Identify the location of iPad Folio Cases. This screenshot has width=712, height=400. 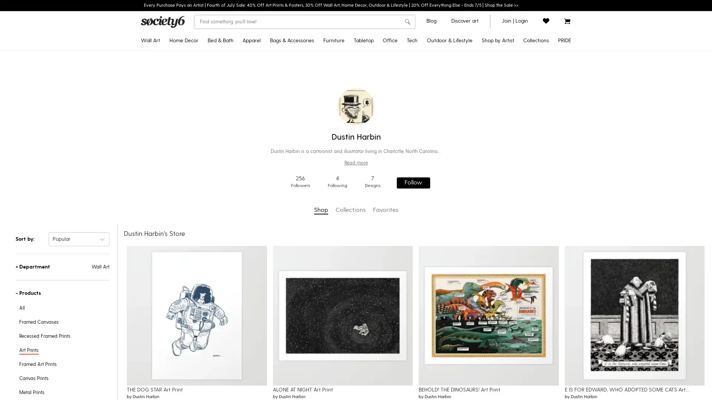
(438, 131).